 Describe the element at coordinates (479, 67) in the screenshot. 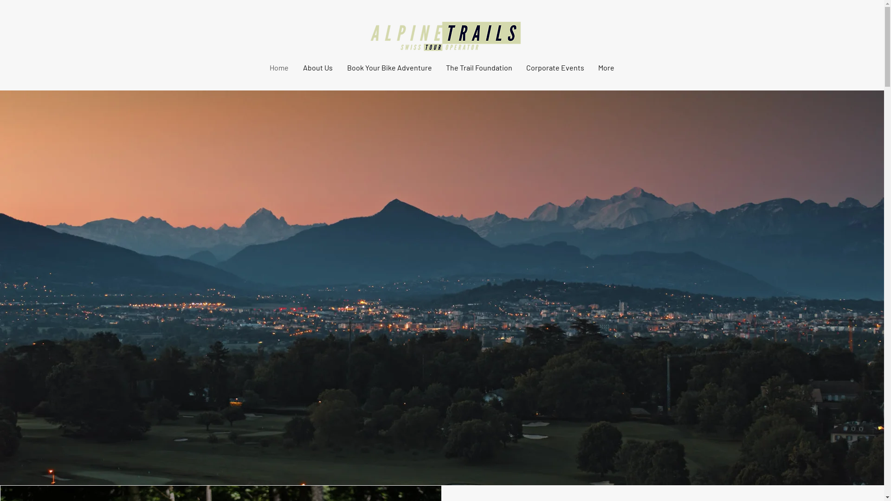

I see `'The Trail Foundation'` at that location.